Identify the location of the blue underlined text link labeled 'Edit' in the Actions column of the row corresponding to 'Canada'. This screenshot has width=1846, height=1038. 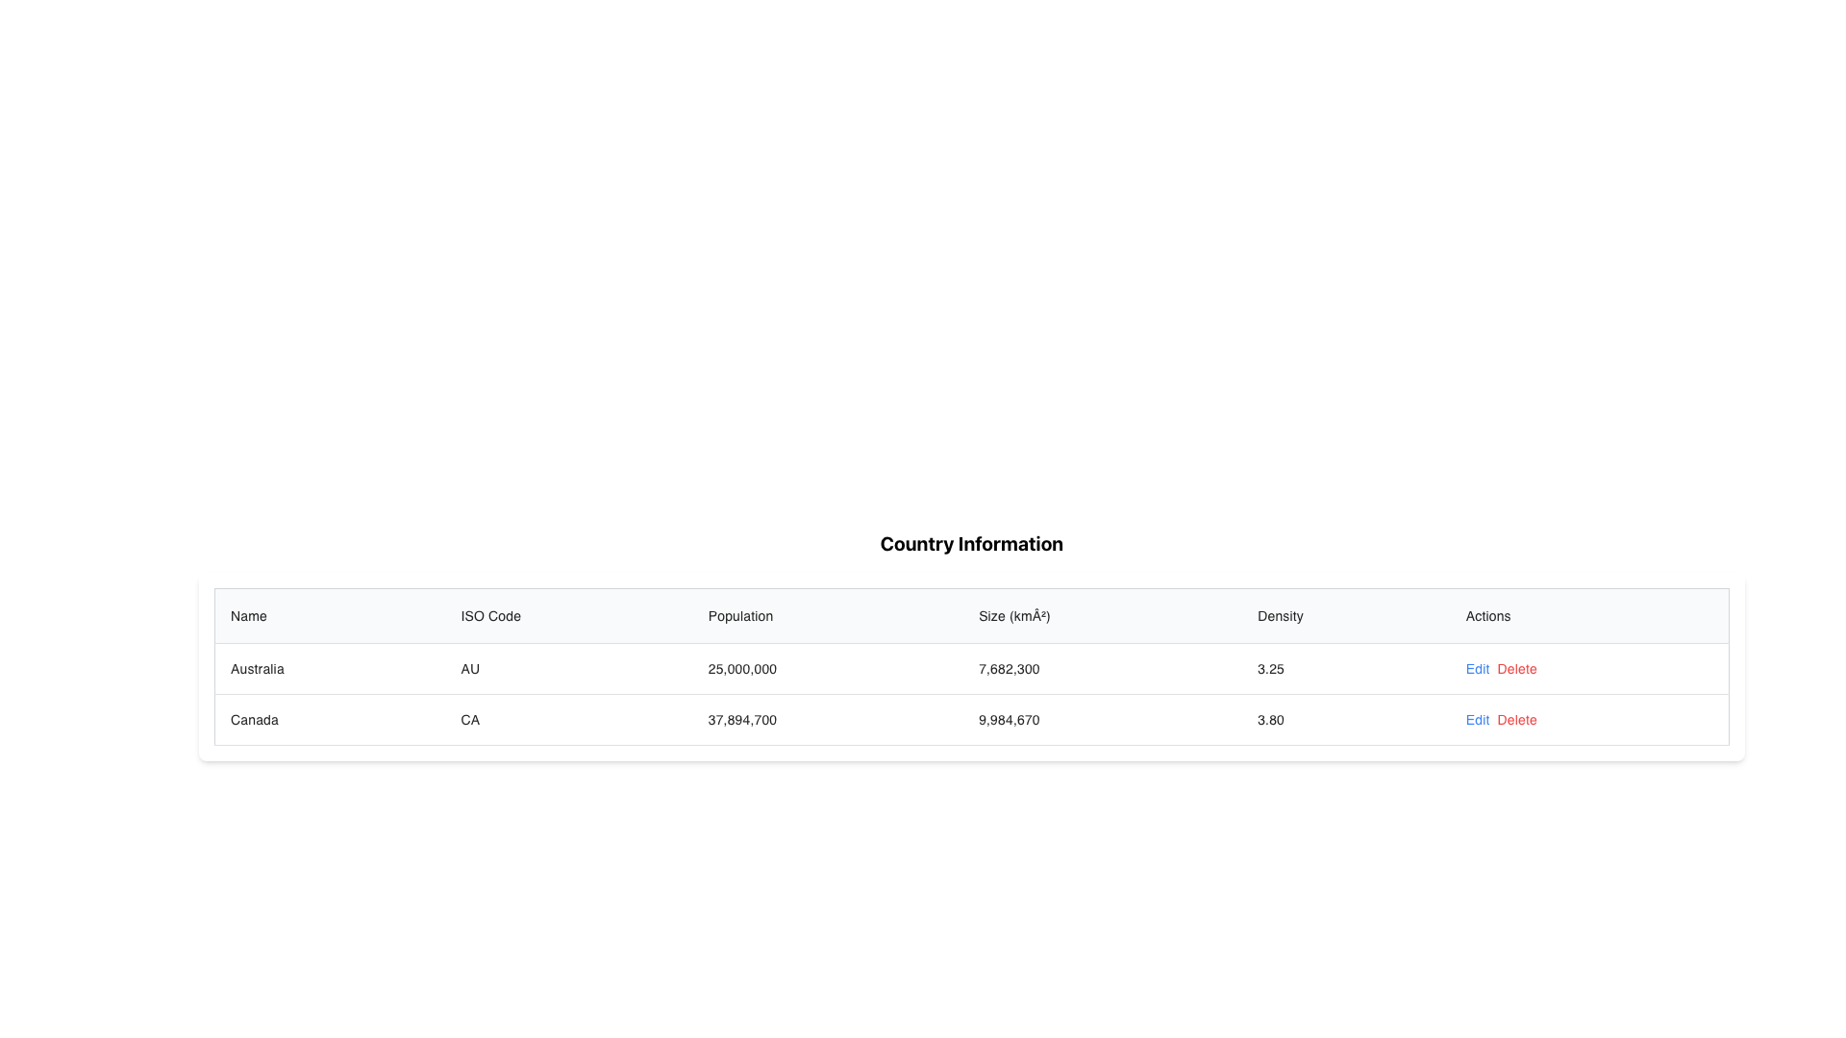
(1477, 668).